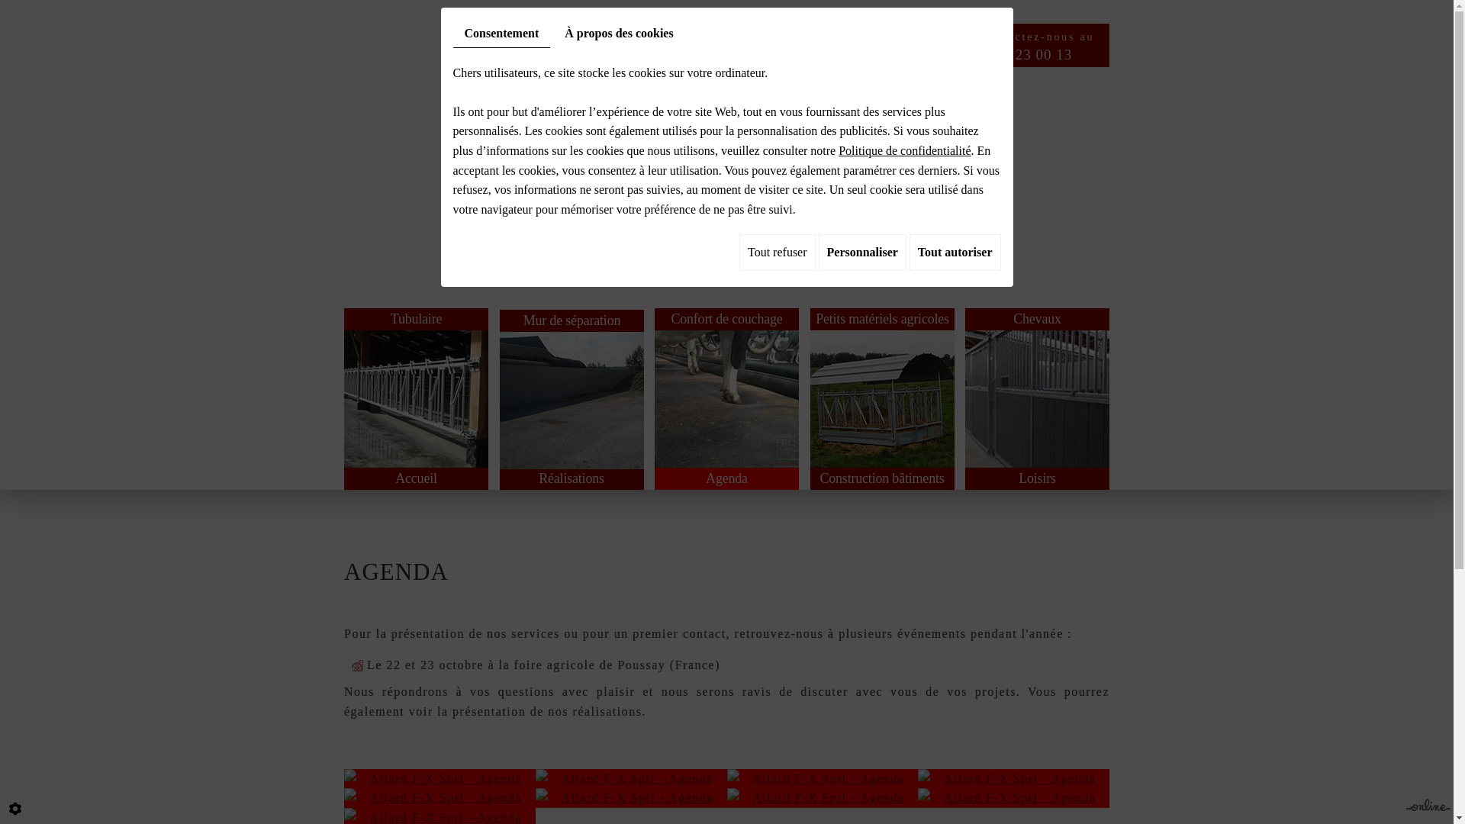 The image size is (1465, 824). I want to click on 'Allard F-X Sprl -  Agenda Foire agricole de Poussay (France)', so click(1013, 779).